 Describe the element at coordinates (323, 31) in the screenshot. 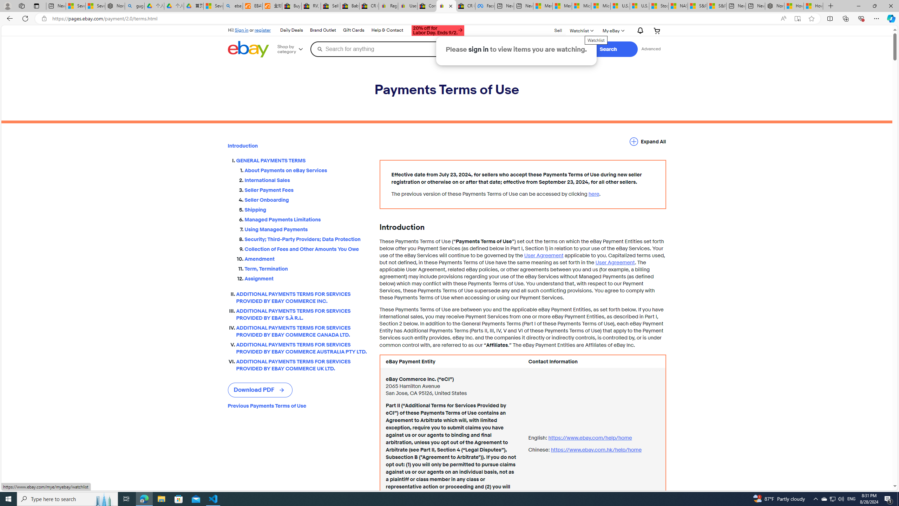

I see `'Brand Outlet'` at that location.